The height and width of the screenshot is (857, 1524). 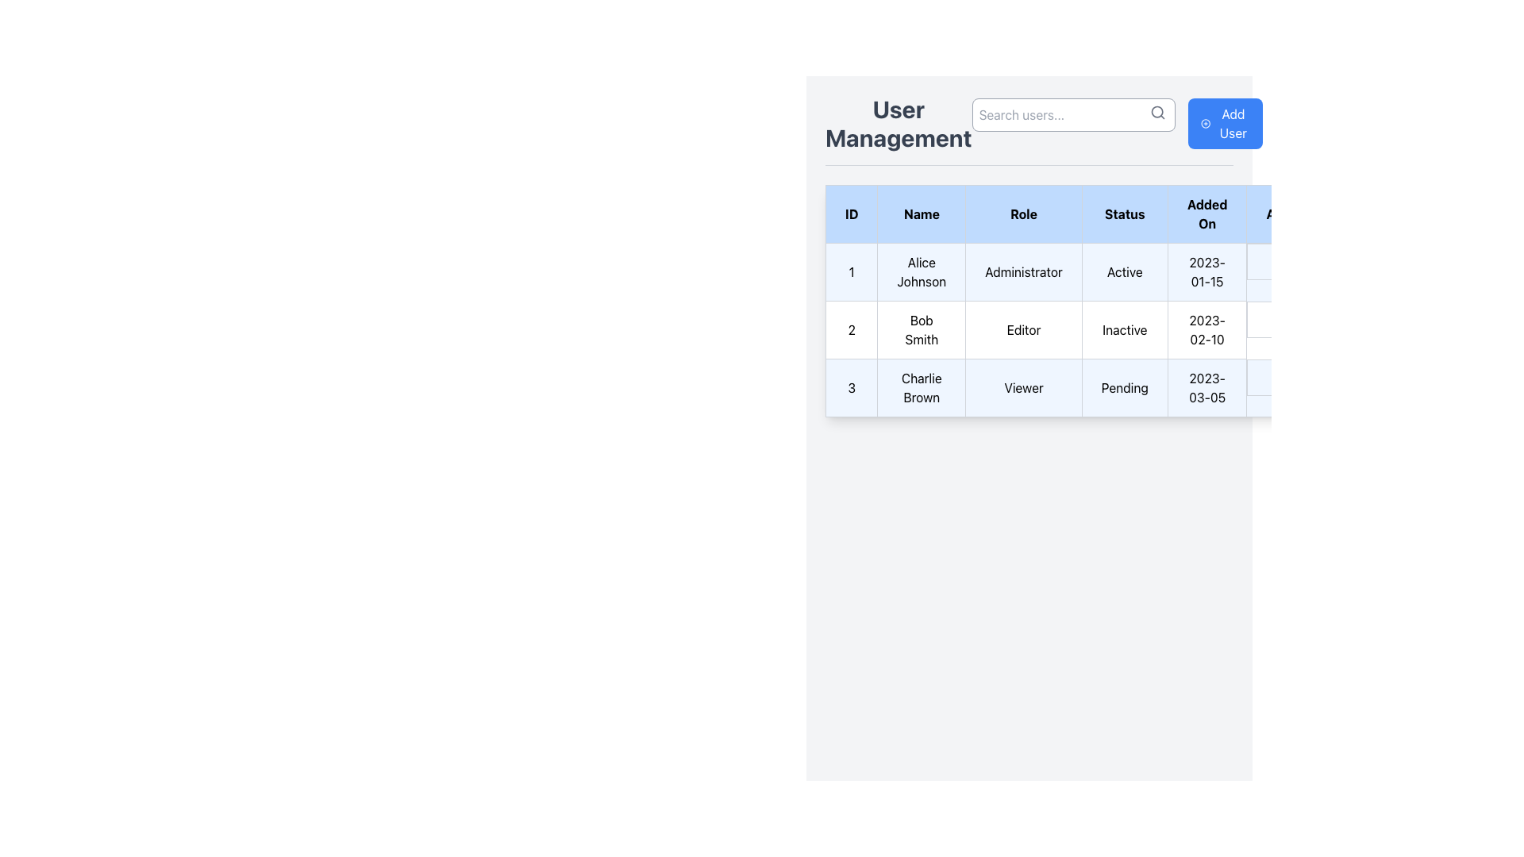 What do you see at coordinates (1079, 271) in the screenshot?
I see `the first row of the user data table that contains the information for 'Alice Johnson'` at bounding box center [1079, 271].